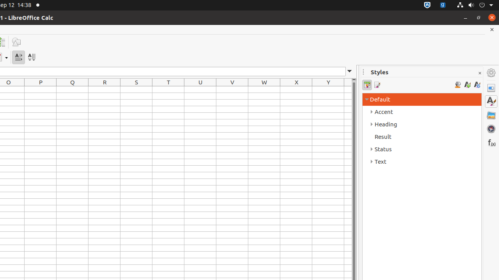 The height and width of the screenshot is (280, 499). I want to click on 'Q1', so click(72, 89).